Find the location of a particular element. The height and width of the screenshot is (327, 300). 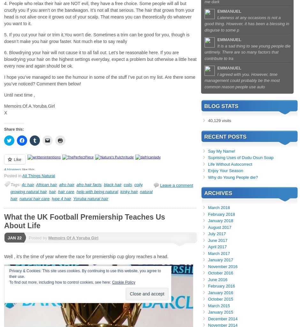

'kinky hair' is located at coordinates (129, 191).